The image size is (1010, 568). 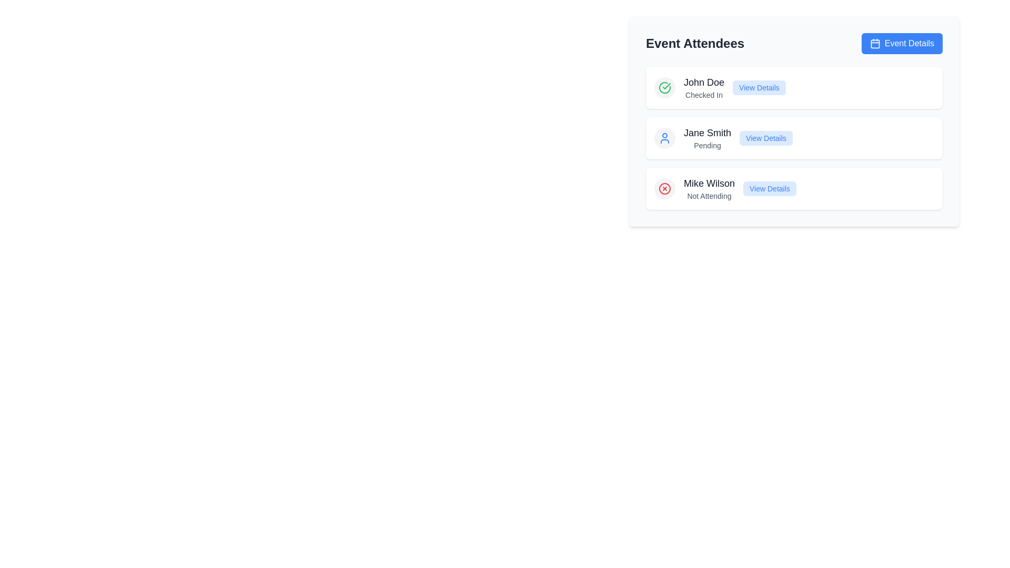 What do you see at coordinates (664, 137) in the screenshot?
I see `the circular user icon with a light gray background containing a blue user icon located on the left side of the card displaying 'Jane Smith' in the event attendees list` at bounding box center [664, 137].